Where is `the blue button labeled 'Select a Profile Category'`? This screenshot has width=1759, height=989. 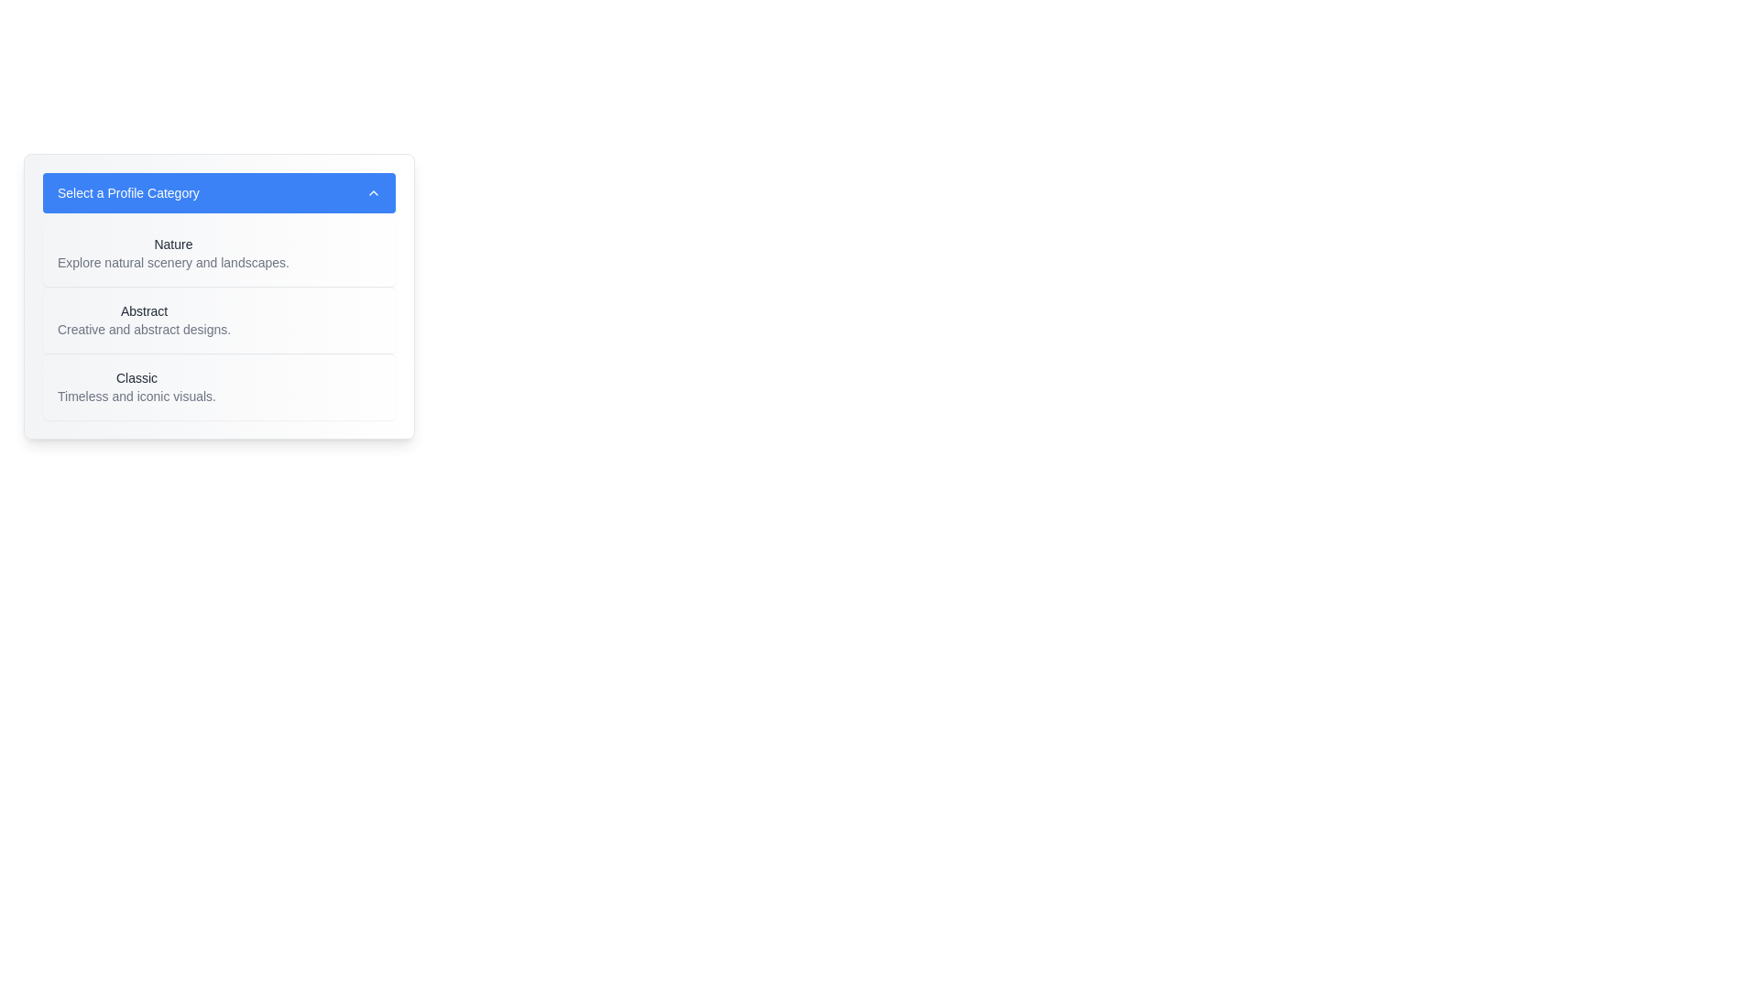
the blue button labeled 'Select a Profile Category' is located at coordinates (219, 193).